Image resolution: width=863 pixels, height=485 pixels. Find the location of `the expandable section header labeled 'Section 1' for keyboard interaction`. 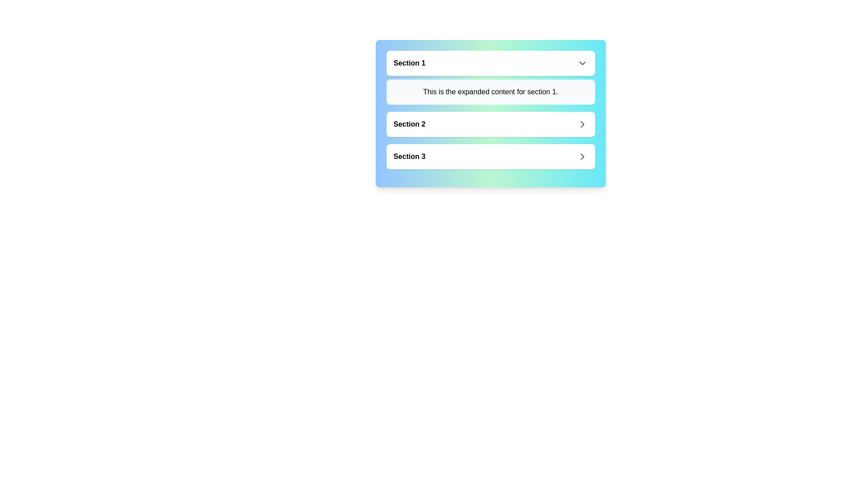

the expandable section header labeled 'Section 1' for keyboard interaction is located at coordinates (490, 63).